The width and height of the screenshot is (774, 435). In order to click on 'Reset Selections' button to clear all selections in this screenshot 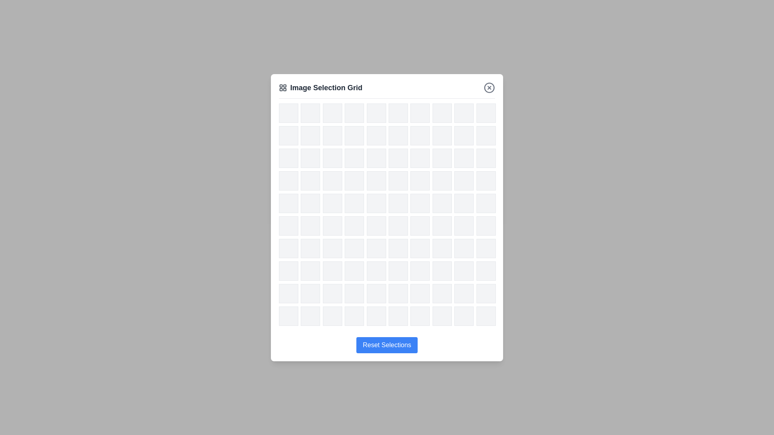, I will do `click(387, 344)`.